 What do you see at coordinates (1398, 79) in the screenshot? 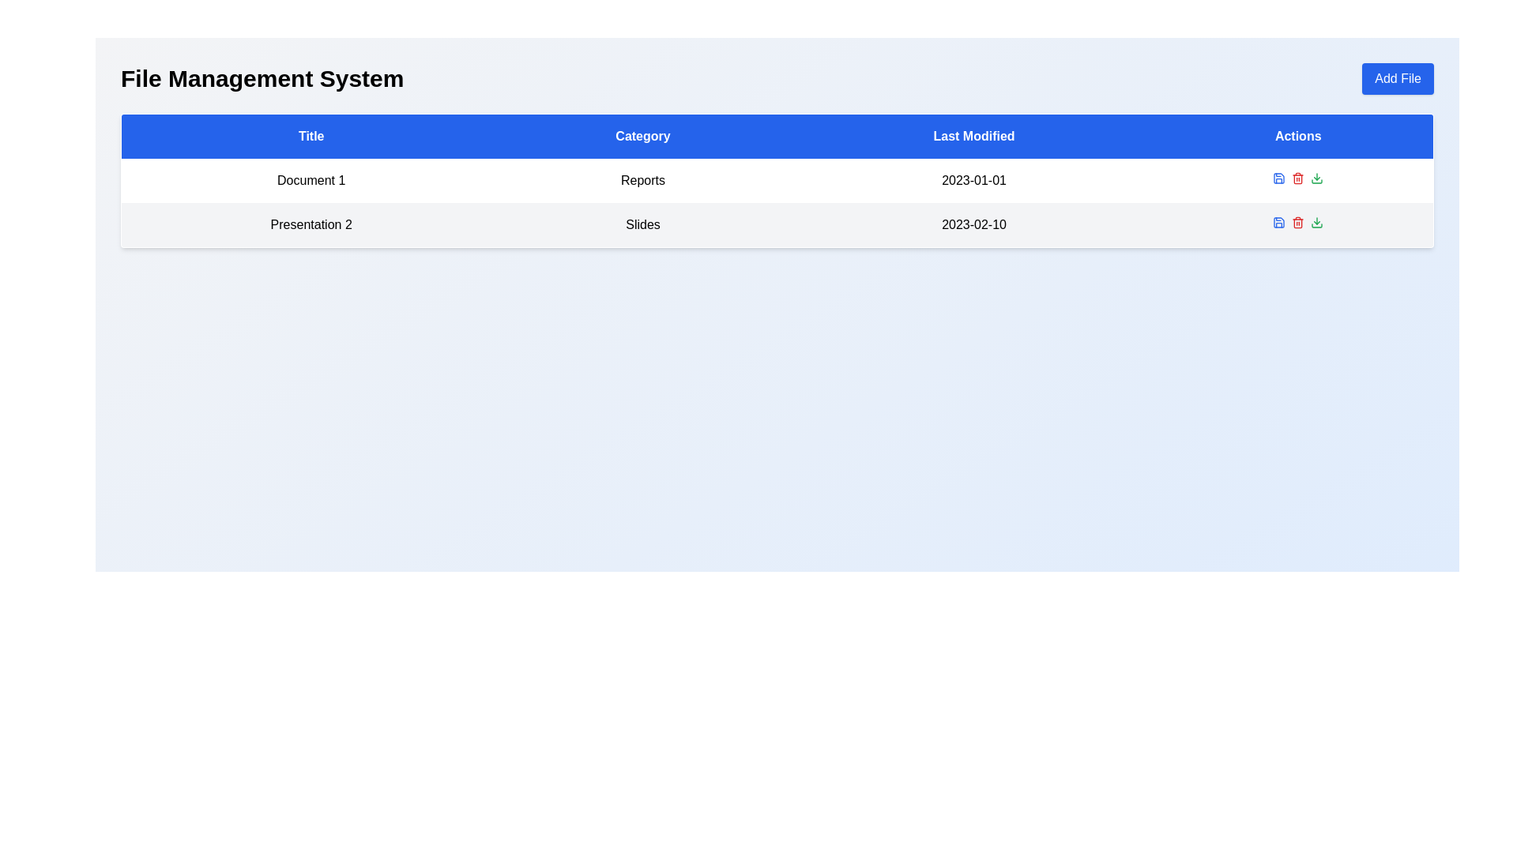
I see `the 'Add File' button, which has a blue background and white text` at bounding box center [1398, 79].